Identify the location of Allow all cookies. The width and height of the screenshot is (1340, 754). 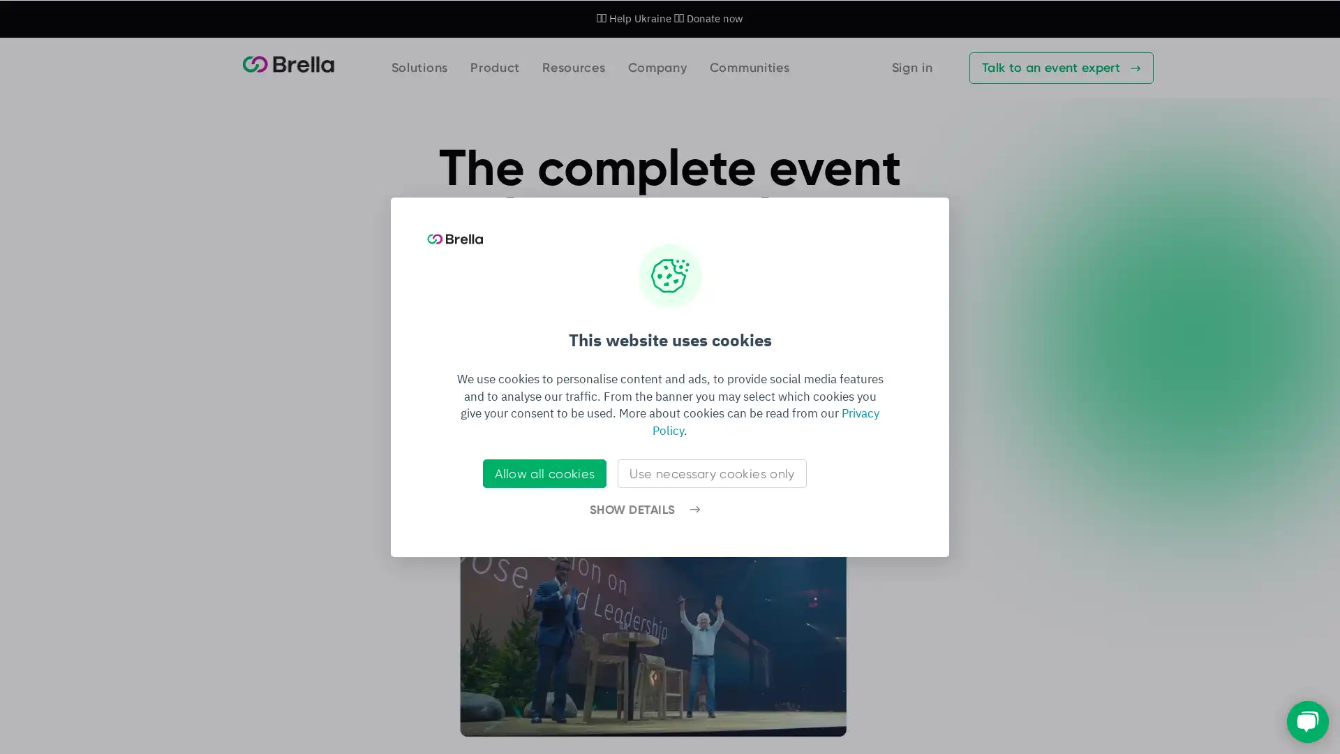
(544, 473).